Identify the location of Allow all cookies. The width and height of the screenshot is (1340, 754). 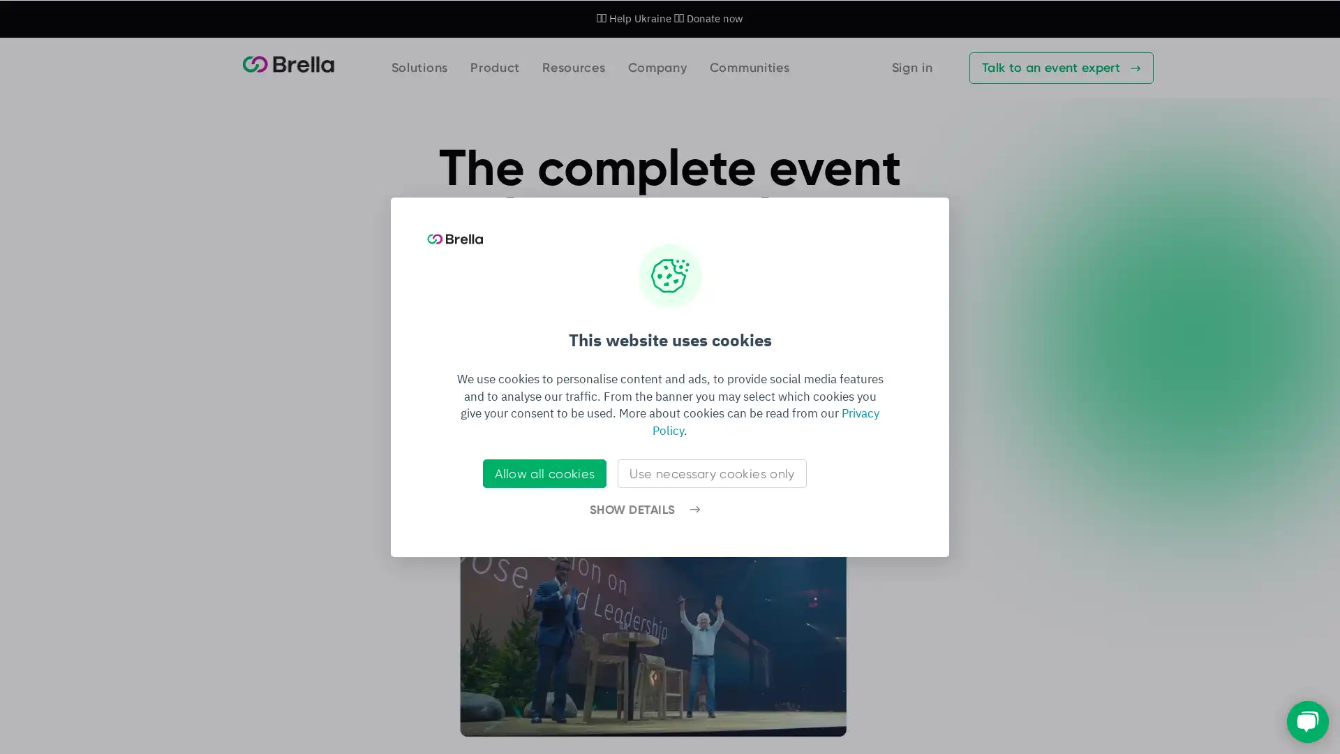
(544, 473).